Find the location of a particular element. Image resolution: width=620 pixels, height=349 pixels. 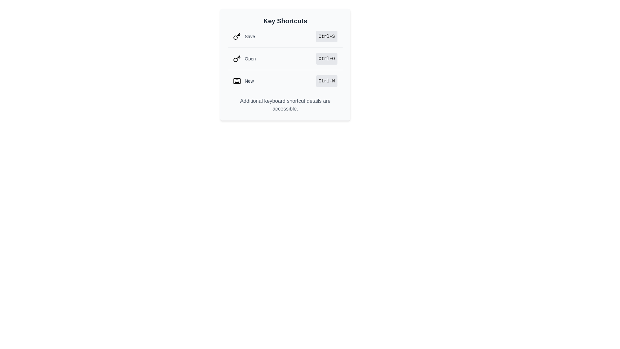

the 'Open' text label, which is styled in a small font size, medium weight, and gray color, located to the right of a key icon in the middle section under 'Key Shortcuts' is located at coordinates (250, 58).